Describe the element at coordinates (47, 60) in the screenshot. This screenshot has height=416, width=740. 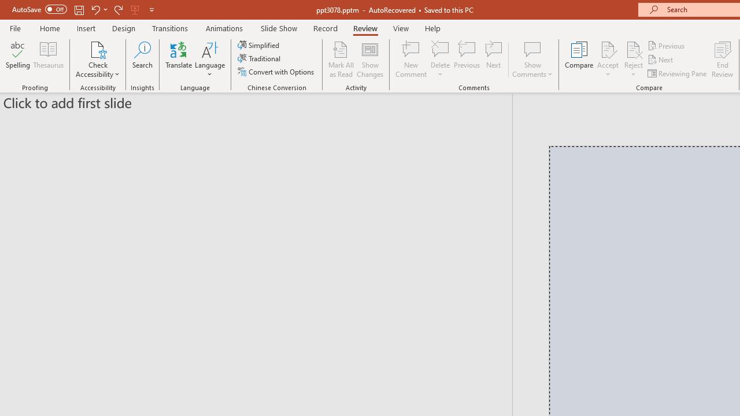
I see `'Thesaurus...'` at that location.